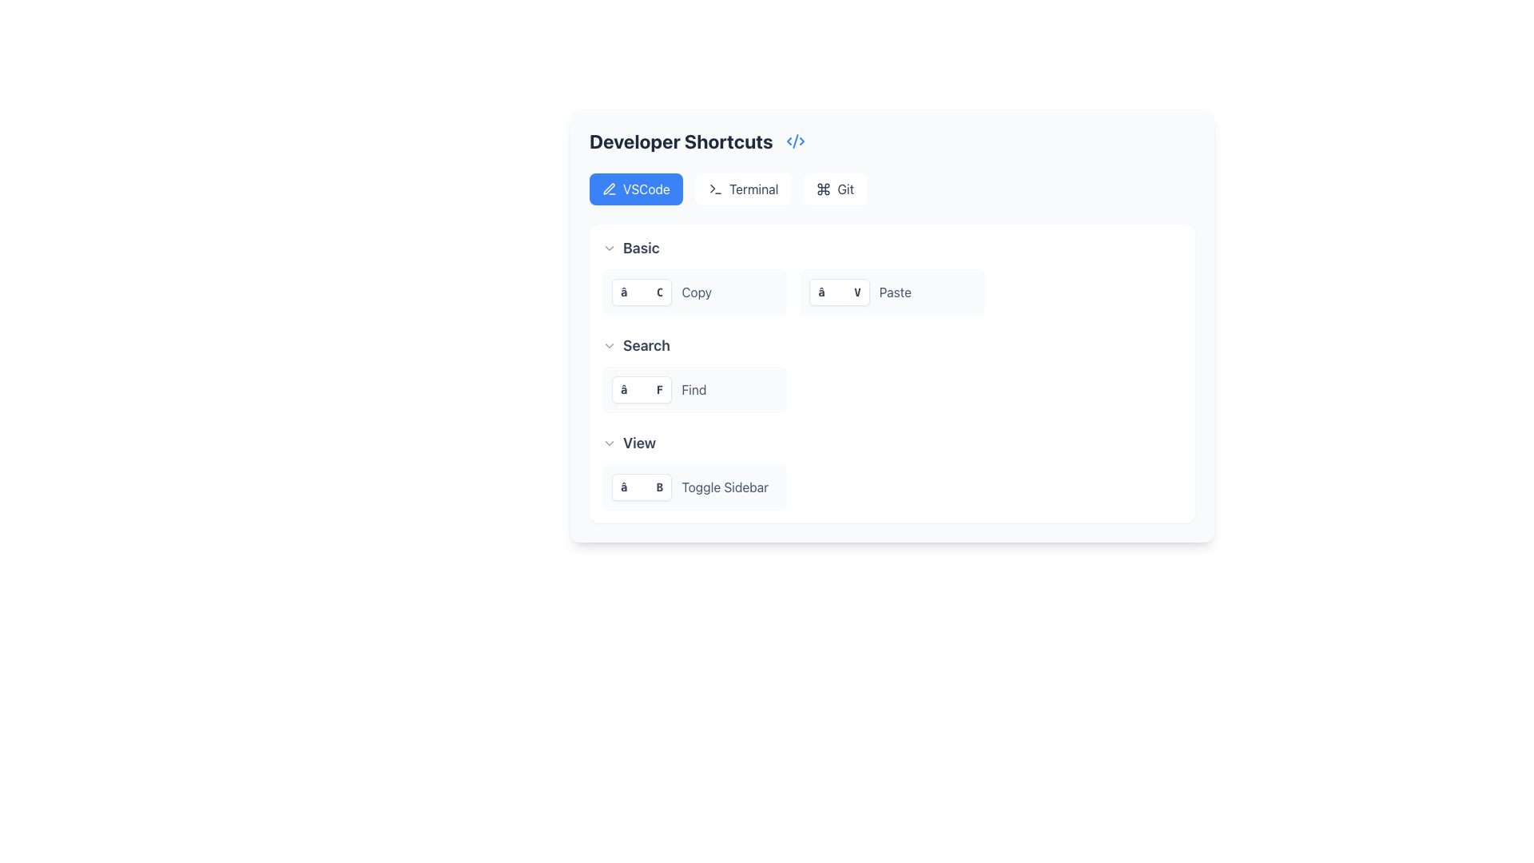  Describe the element at coordinates (609, 443) in the screenshot. I see `the small downward-facing chevron icon, which is dark gray and located to the immediate left of the text 'View'` at that location.